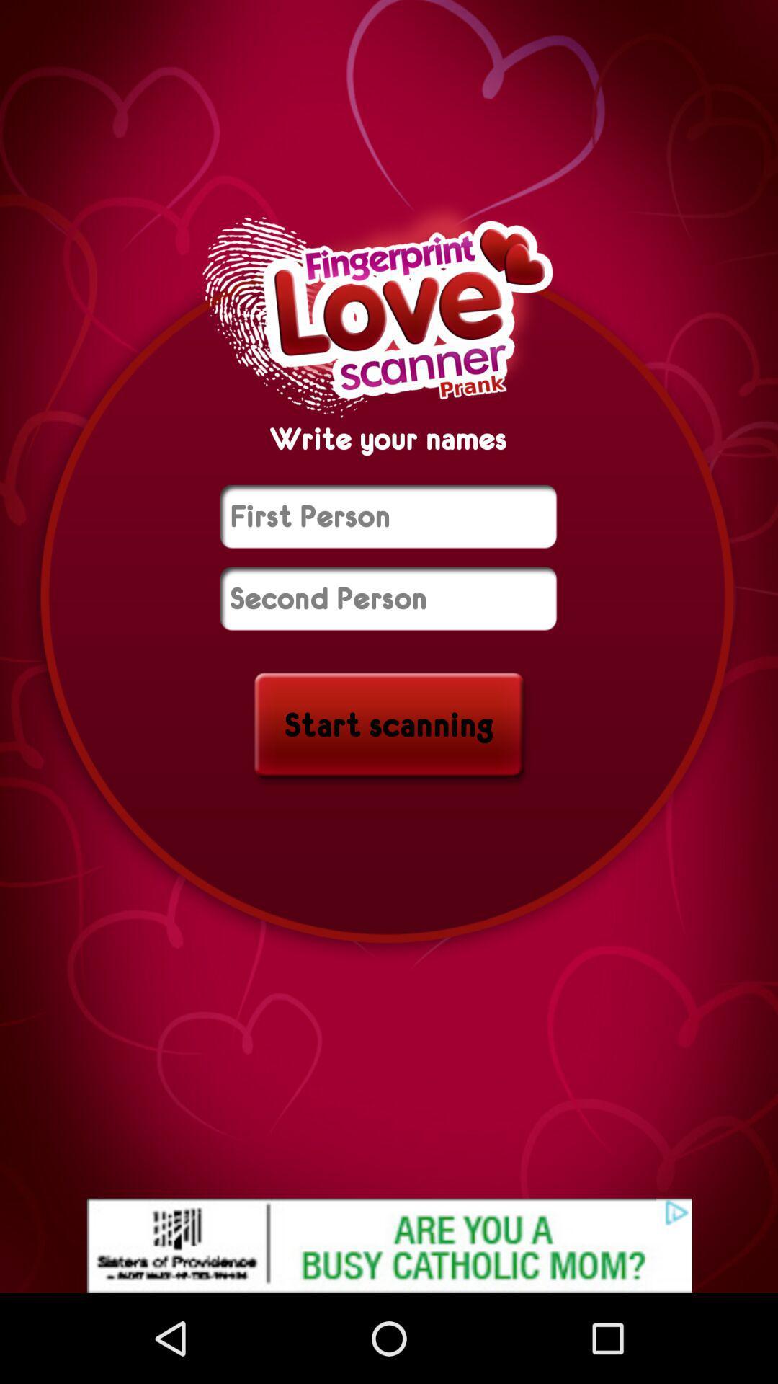  I want to click on game page, so click(388, 598).